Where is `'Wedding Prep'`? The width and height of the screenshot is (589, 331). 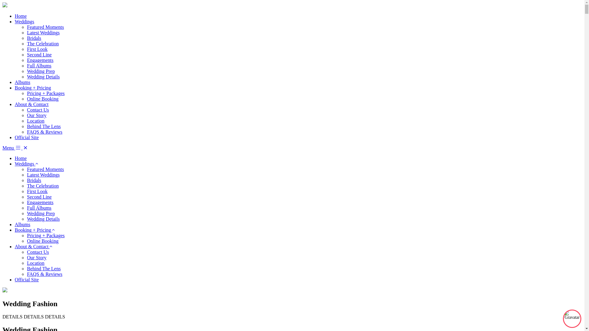
'Wedding Prep' is located at coordinates (40, 213).